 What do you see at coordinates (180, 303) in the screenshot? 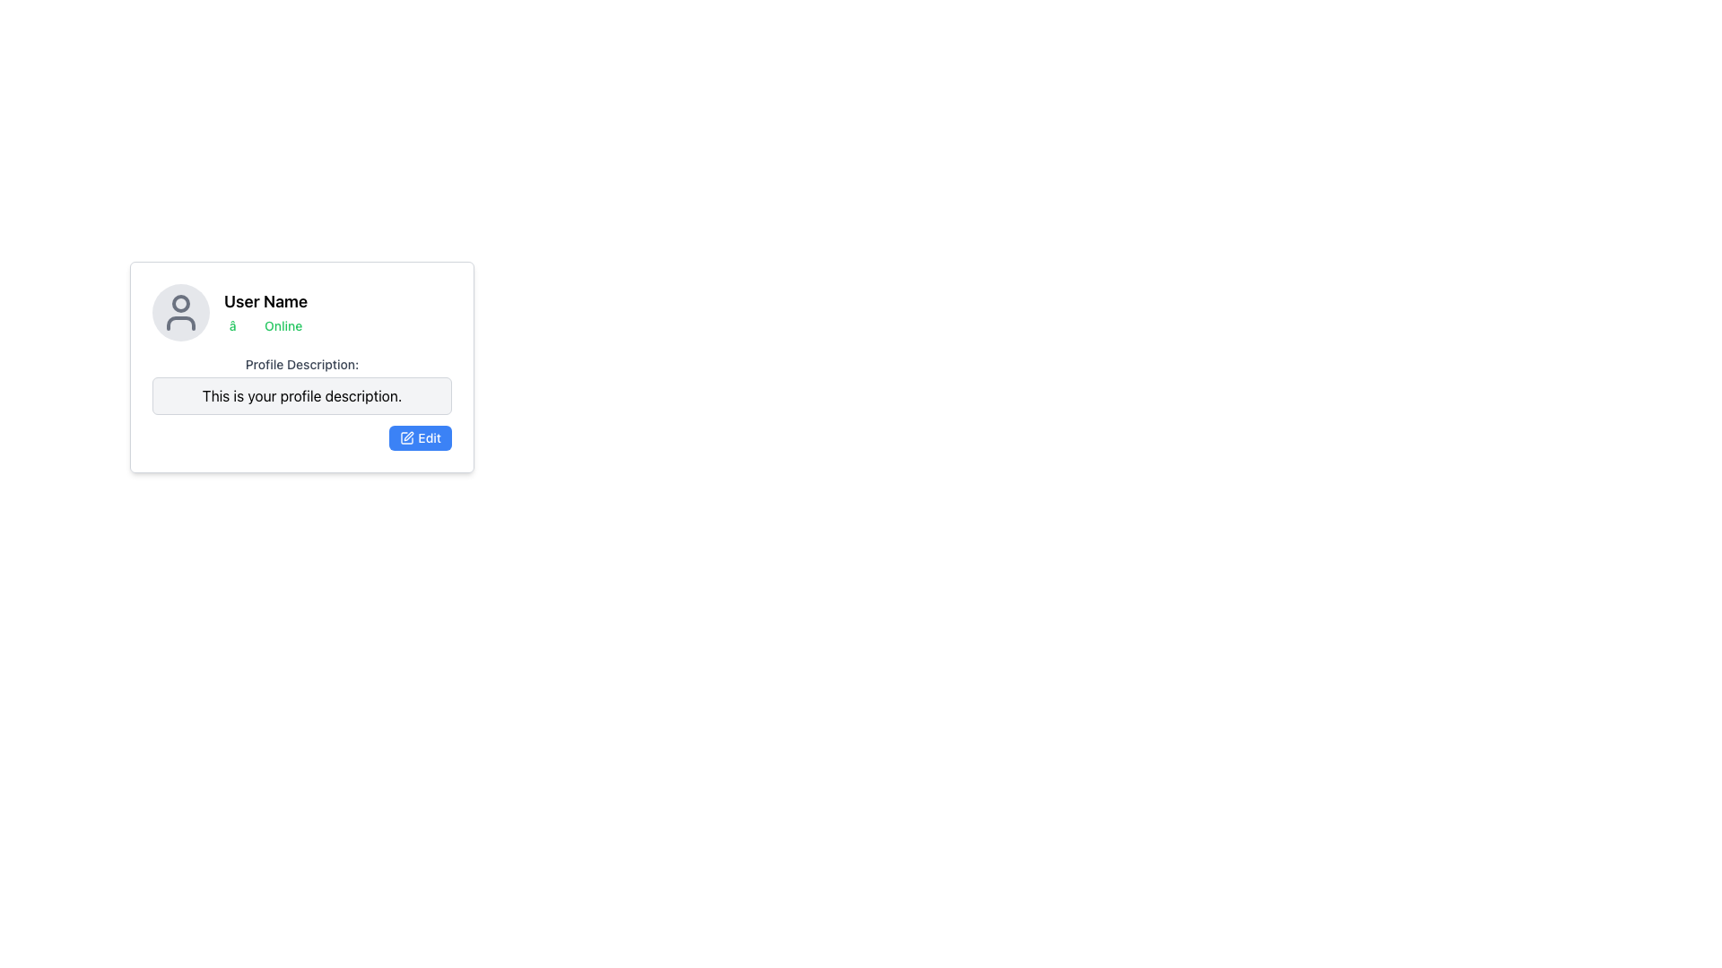
I see `the decorative circle within the user avatar graphic, which is positioned to the left of the 'User Name' text in the profile information card` at bounding box center [180, 303].